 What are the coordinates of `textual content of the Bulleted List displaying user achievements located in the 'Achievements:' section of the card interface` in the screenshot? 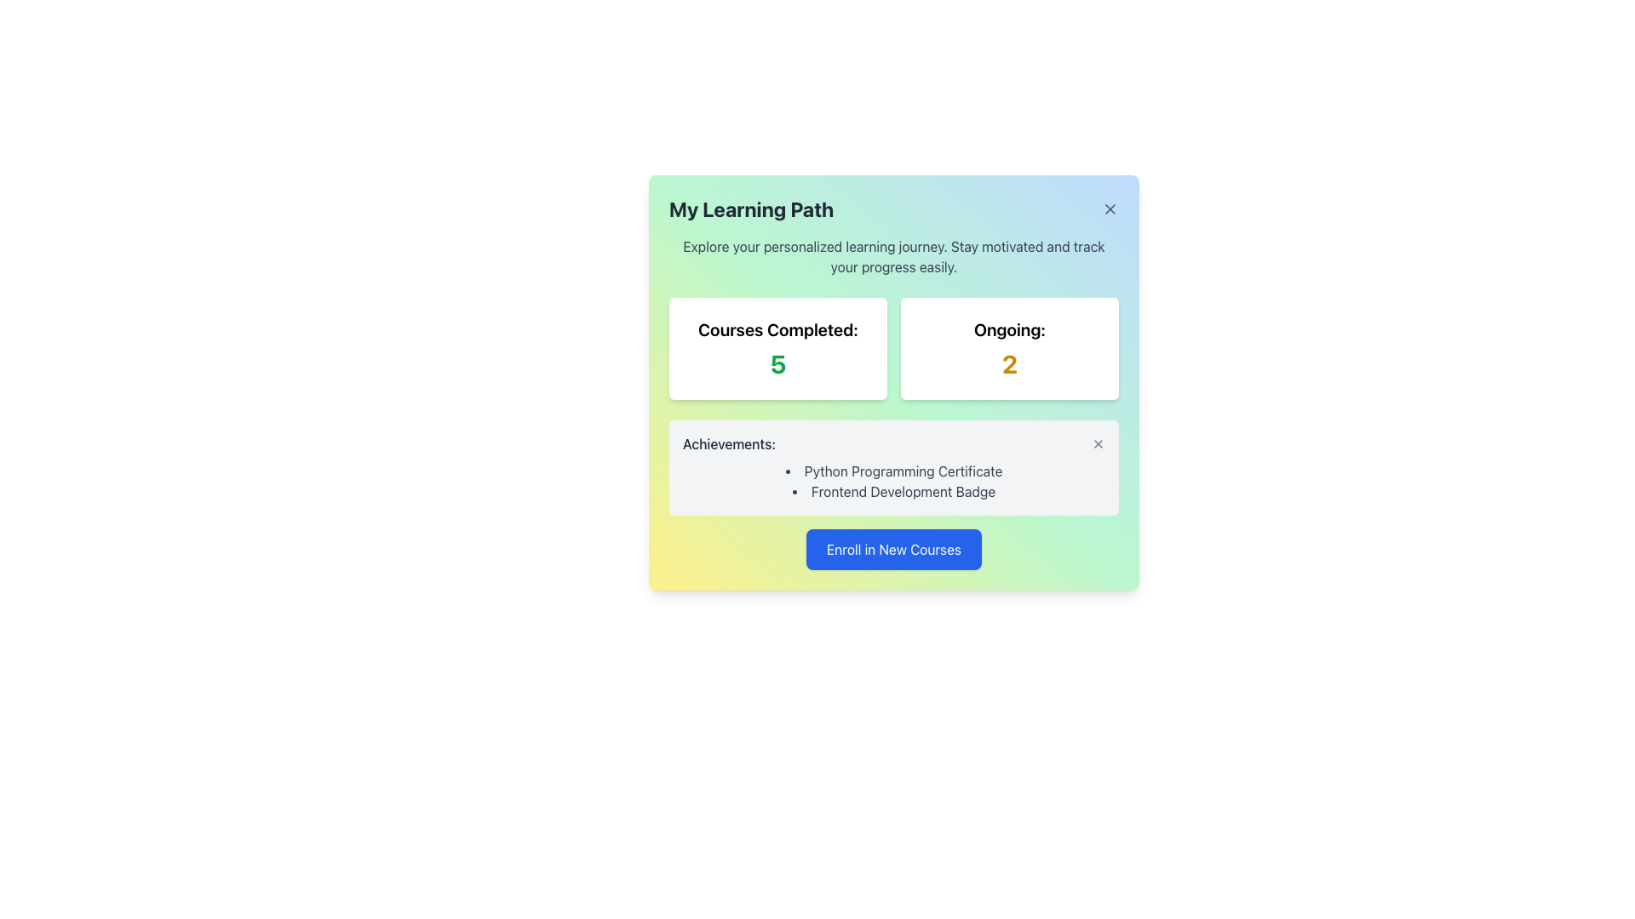 It's located at (893, 482).